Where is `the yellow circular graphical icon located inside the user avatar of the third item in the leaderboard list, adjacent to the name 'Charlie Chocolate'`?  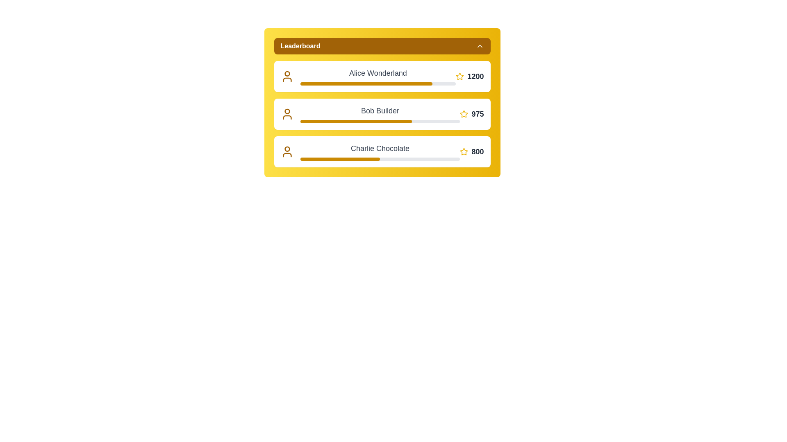
the yellow circular graphical icon located inside the user avatar of the third item in the leaderboard list, adjacent to the name 'Charlie Chocolate' is located at coordinates (287, 149).